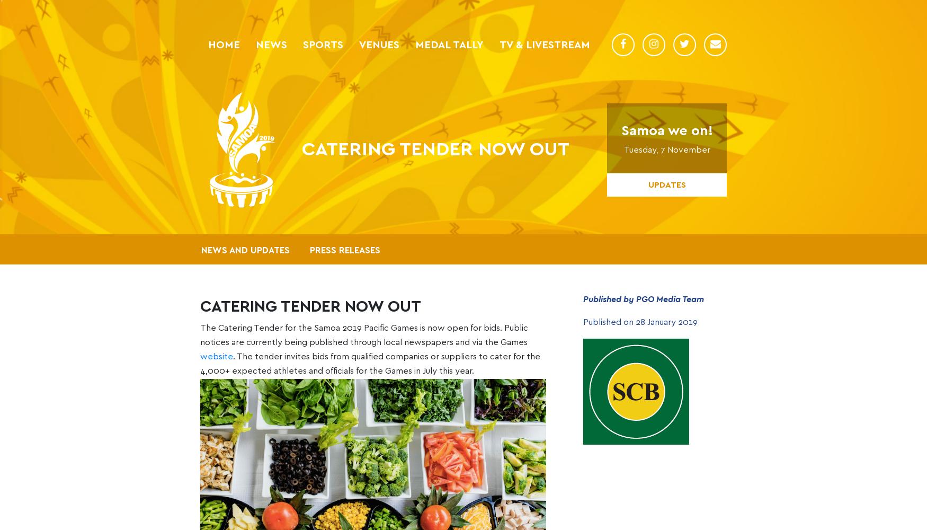 The width and height of the screenshot is (927, 530). Describe the element at coordinates (310, 250) in the screenshot. I see `'Press Releases'` at that location.